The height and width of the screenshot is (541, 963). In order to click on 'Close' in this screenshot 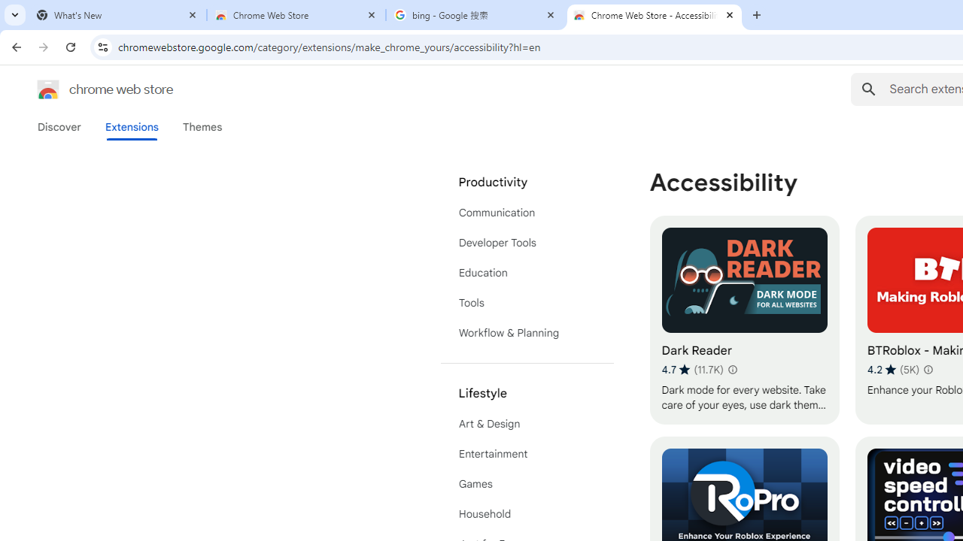, I will do `click(730, 14)`.